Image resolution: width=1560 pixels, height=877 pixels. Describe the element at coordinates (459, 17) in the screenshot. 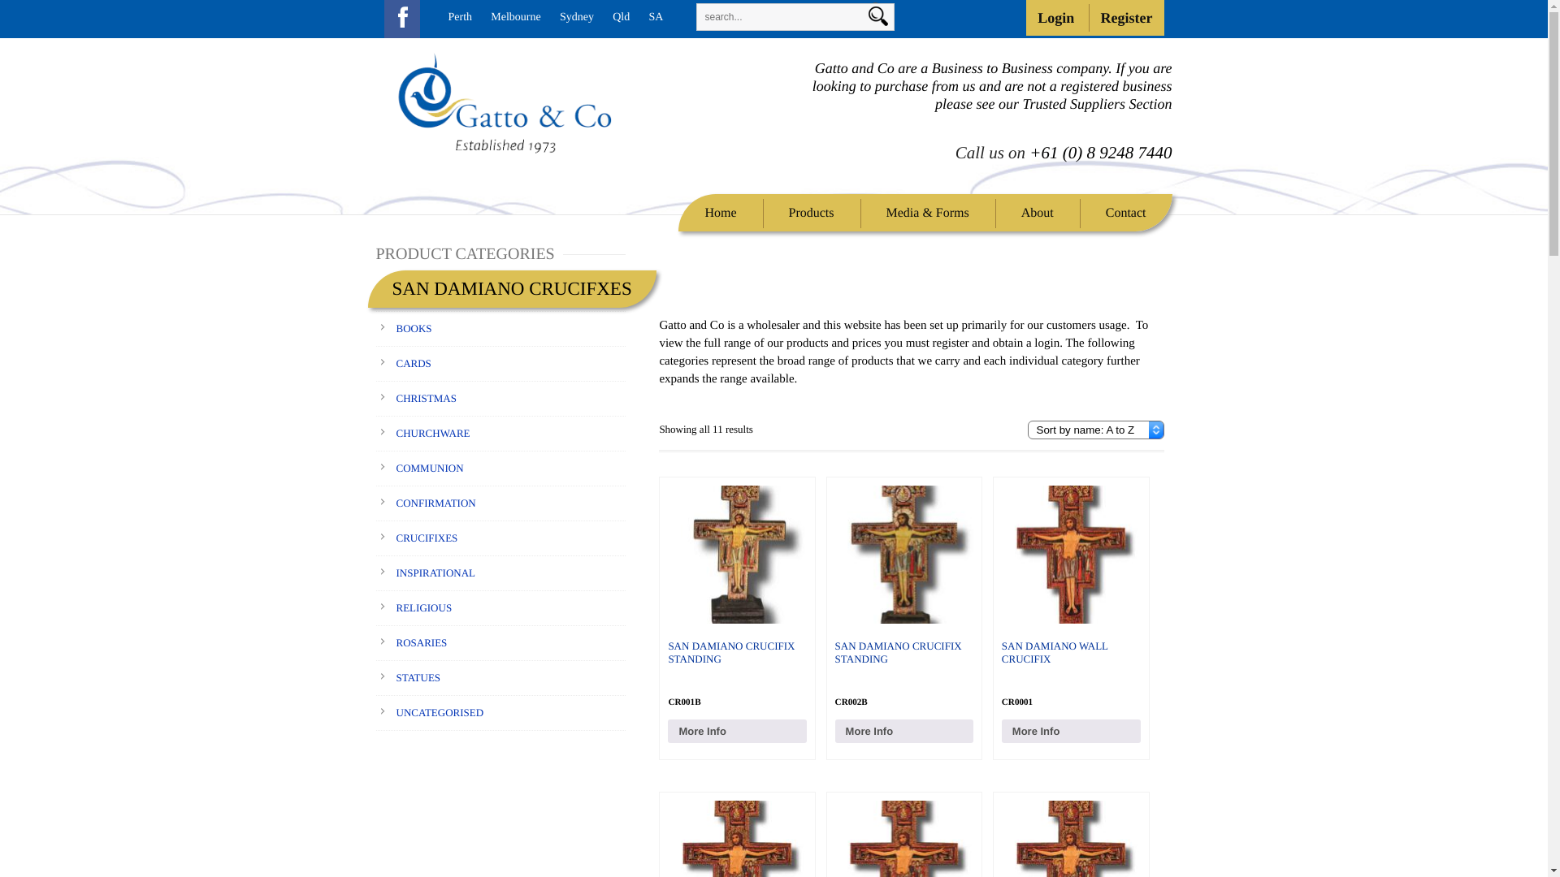

I see `'Perth'` at that location.